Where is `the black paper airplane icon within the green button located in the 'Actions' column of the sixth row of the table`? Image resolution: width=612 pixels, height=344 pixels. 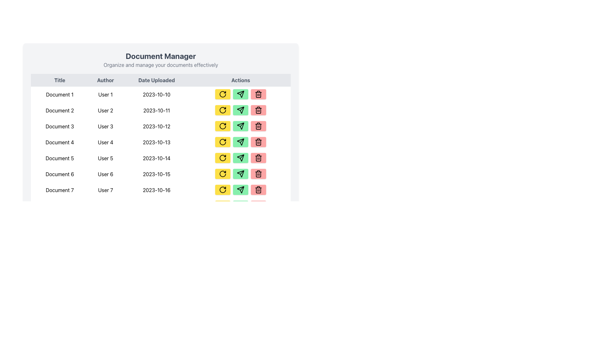 the black paper airplane icon within the green button located in the 'Actions' column of the sixth row of the table is located at coordinates (240, 110).